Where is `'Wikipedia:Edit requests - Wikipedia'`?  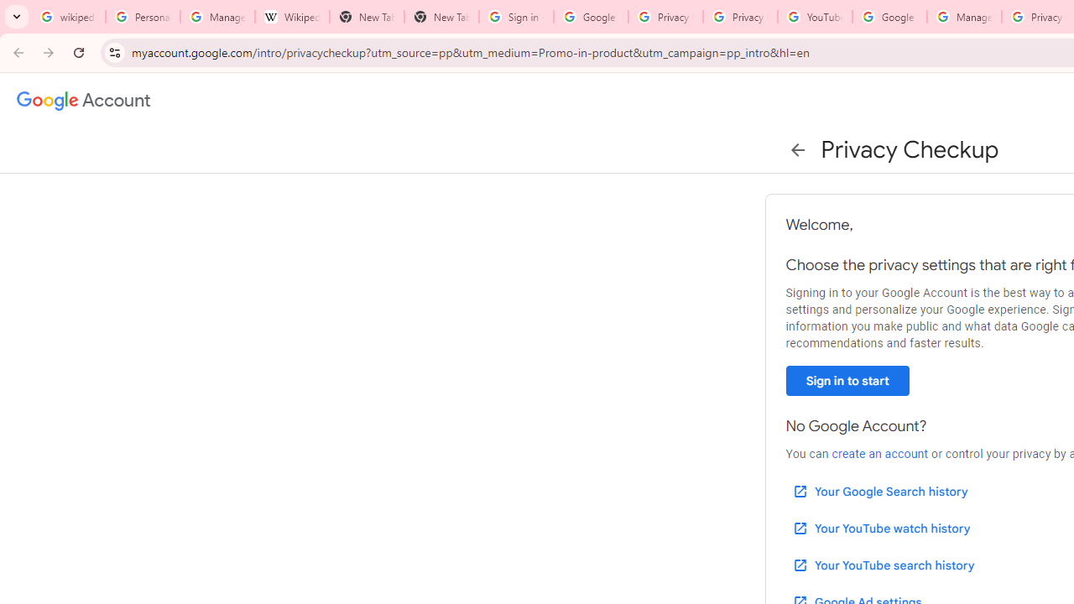
'Wikipedia:Edit requests - Wikipedia' is located at coordinates (292, 17).